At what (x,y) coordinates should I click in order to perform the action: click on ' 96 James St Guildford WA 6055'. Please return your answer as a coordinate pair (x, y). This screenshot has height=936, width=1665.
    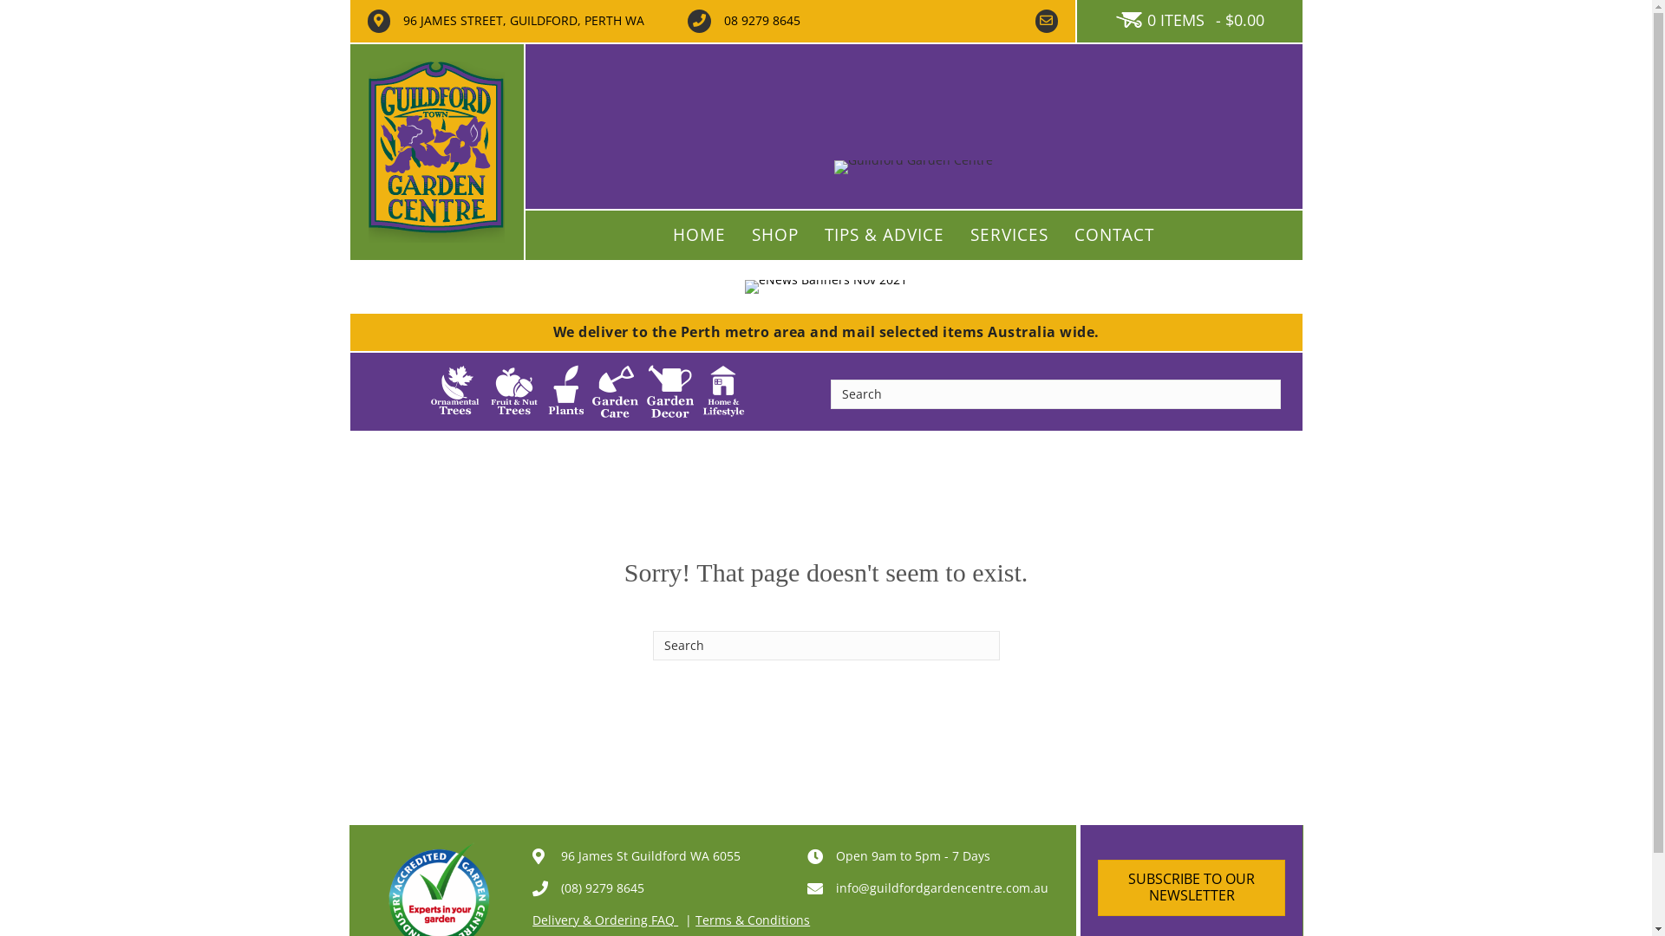
    Looking at the image, I should click on (648, 855).